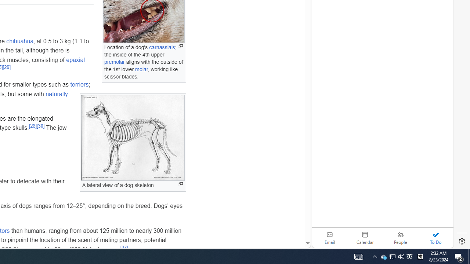 This screenshot has width=470, height=264. I want to click on 'terriers', so click(79, 84).